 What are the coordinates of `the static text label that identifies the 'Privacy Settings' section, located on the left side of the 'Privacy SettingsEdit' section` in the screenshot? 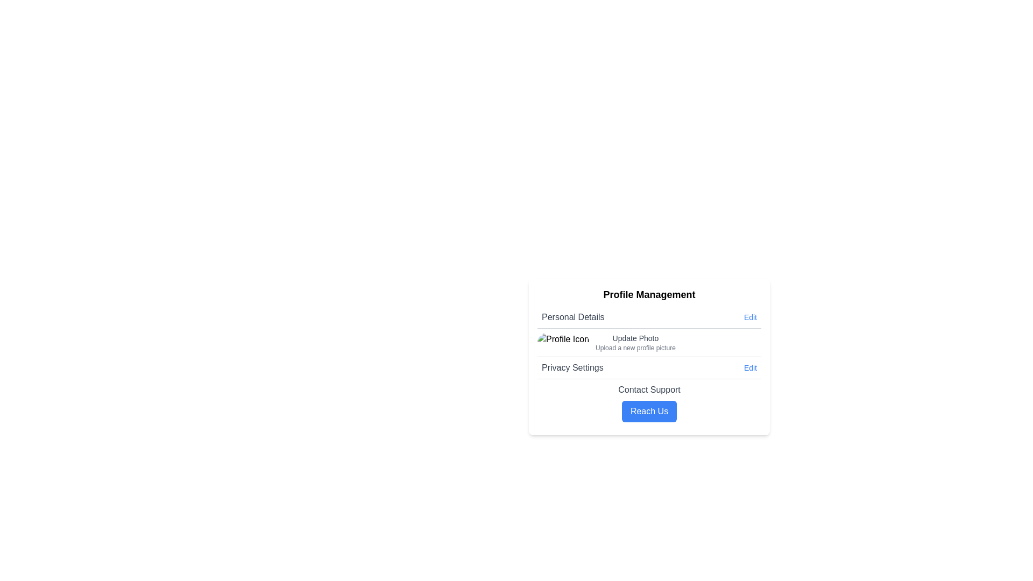 It's located at (572, 367).